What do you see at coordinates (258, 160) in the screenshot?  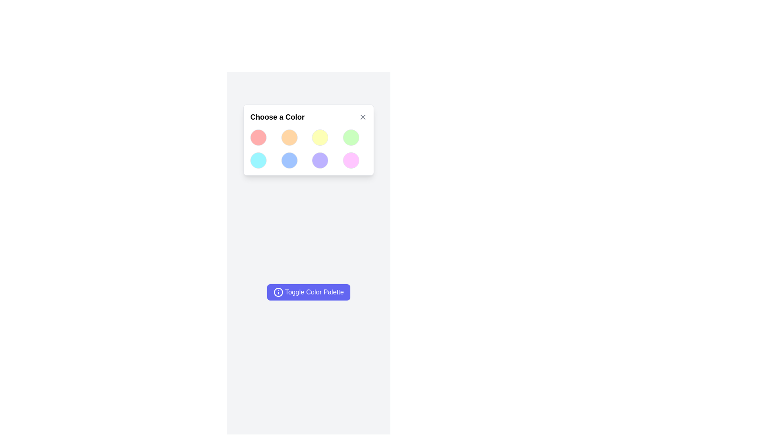 I see `the small circular color selection button with a light blue background` at bounding box center [258, 160].